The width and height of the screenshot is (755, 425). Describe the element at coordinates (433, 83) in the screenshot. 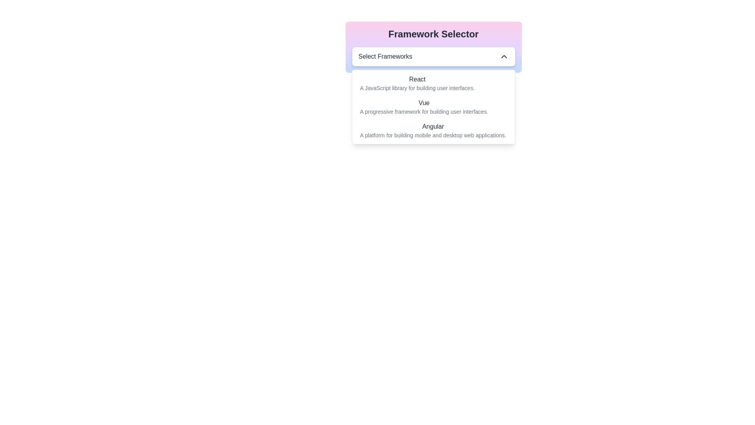

I see `the first option in the 'Framework Selector' dropdown menu` at that location.